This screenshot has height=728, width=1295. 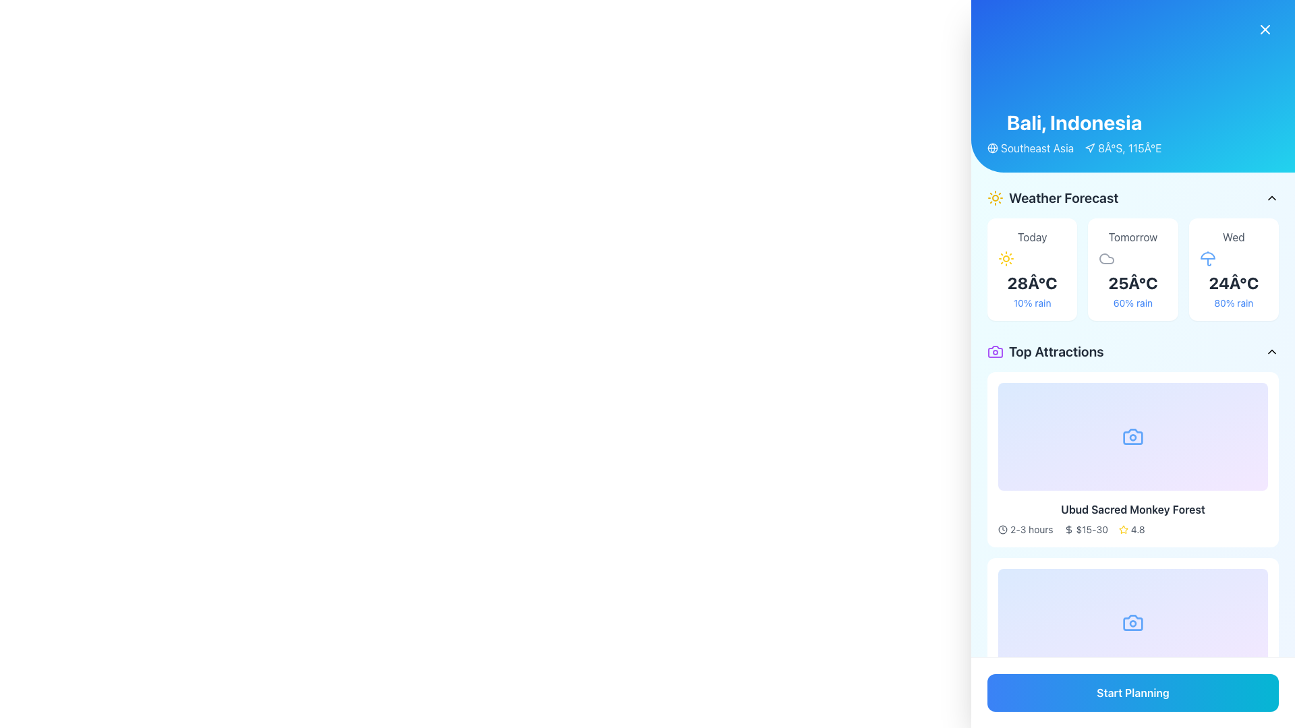 What do you see at coordinates (1271, 351) in the screenshot?
I see `the chevron-up icon button located at the far right of the 'Top Attractions' header` at bounding box center [1271, 351].